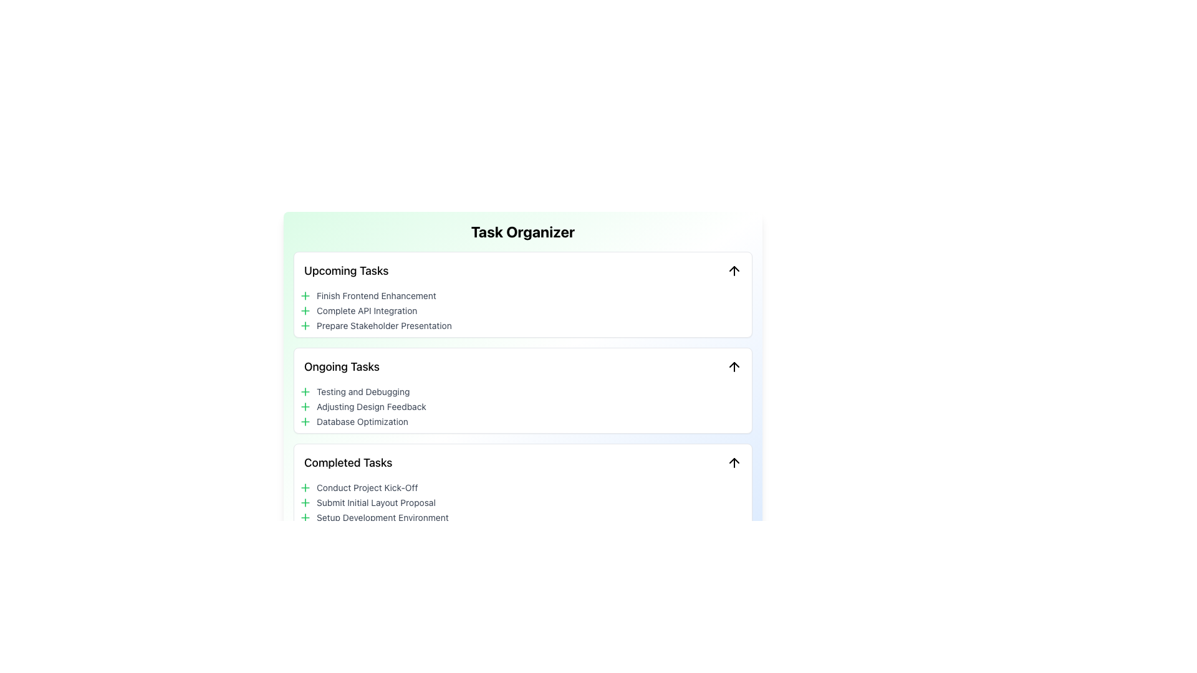 This screenshot has height=673, width=1197. Describe the element at coordinates (383, 325) in the screenshot. I see `the third item in the 'Upcoming Tasks' list, which is a Text Label displaying the task title` at that location.